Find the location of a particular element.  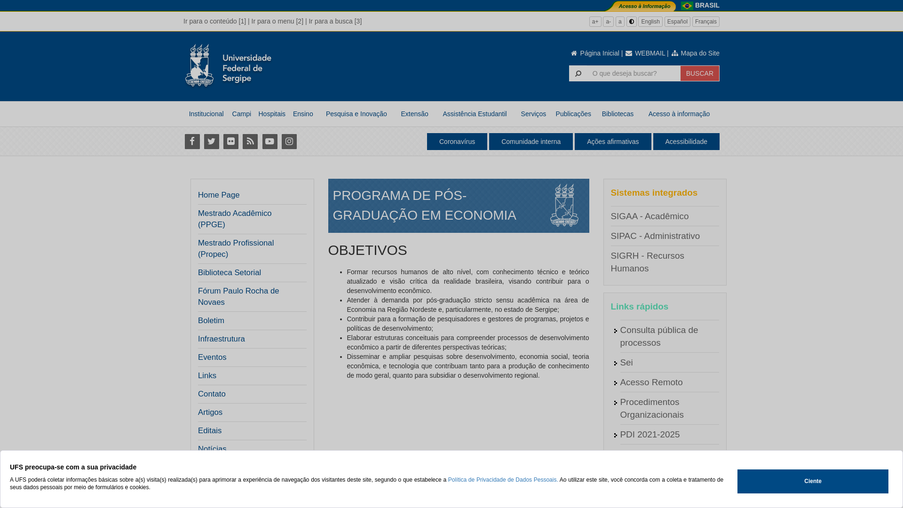

'PDI 2021-2025' is located at coordinates (649, 434).